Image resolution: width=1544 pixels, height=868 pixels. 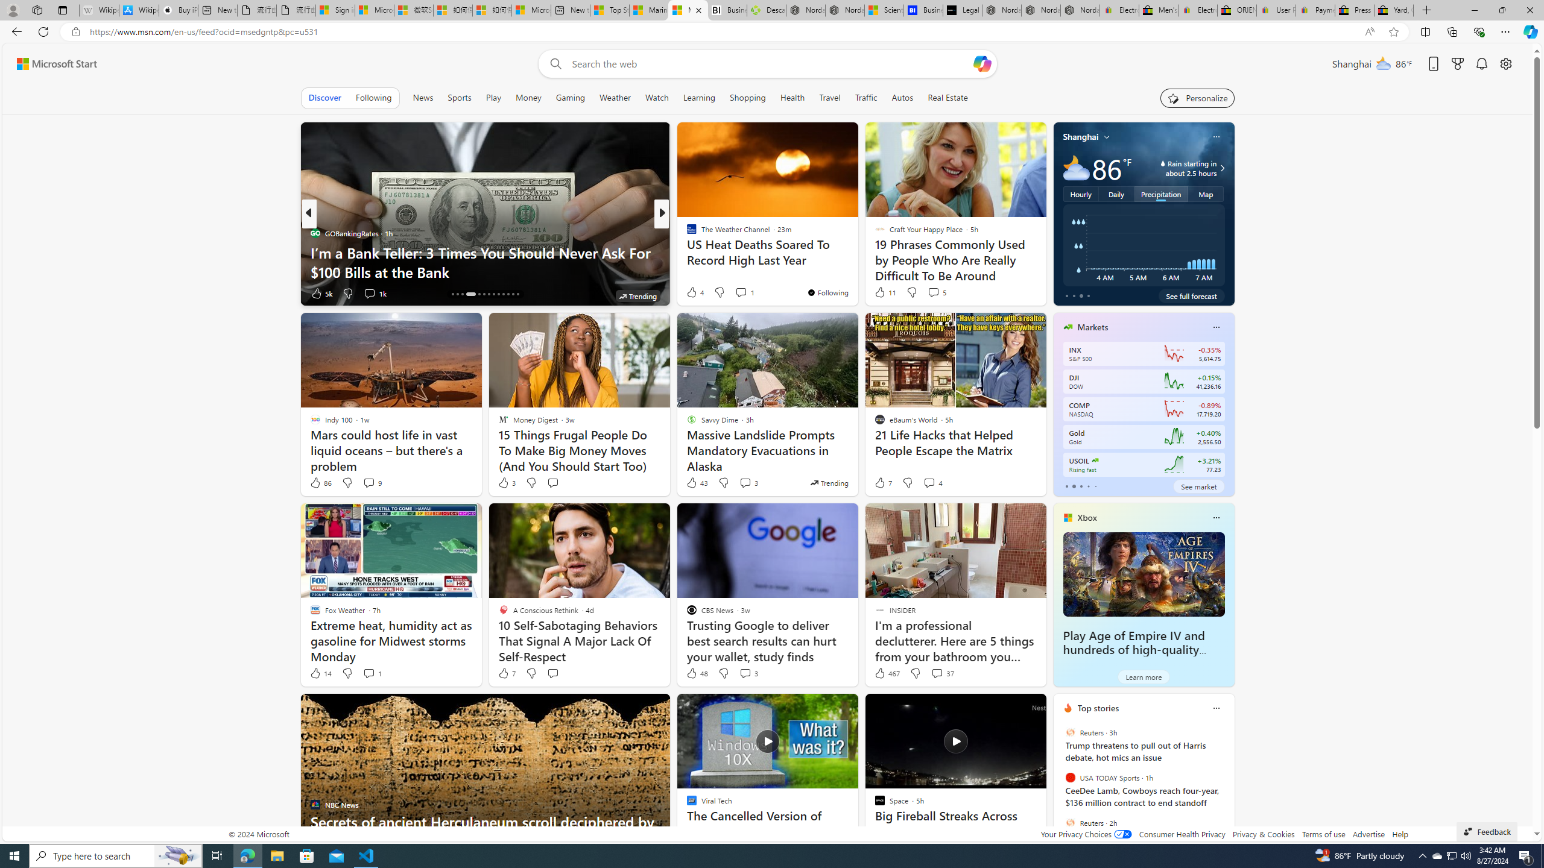 What do you see at coordinates (1206, 193) in the screenshot?
I see `'Map'` at bounding box center [1206, 193].